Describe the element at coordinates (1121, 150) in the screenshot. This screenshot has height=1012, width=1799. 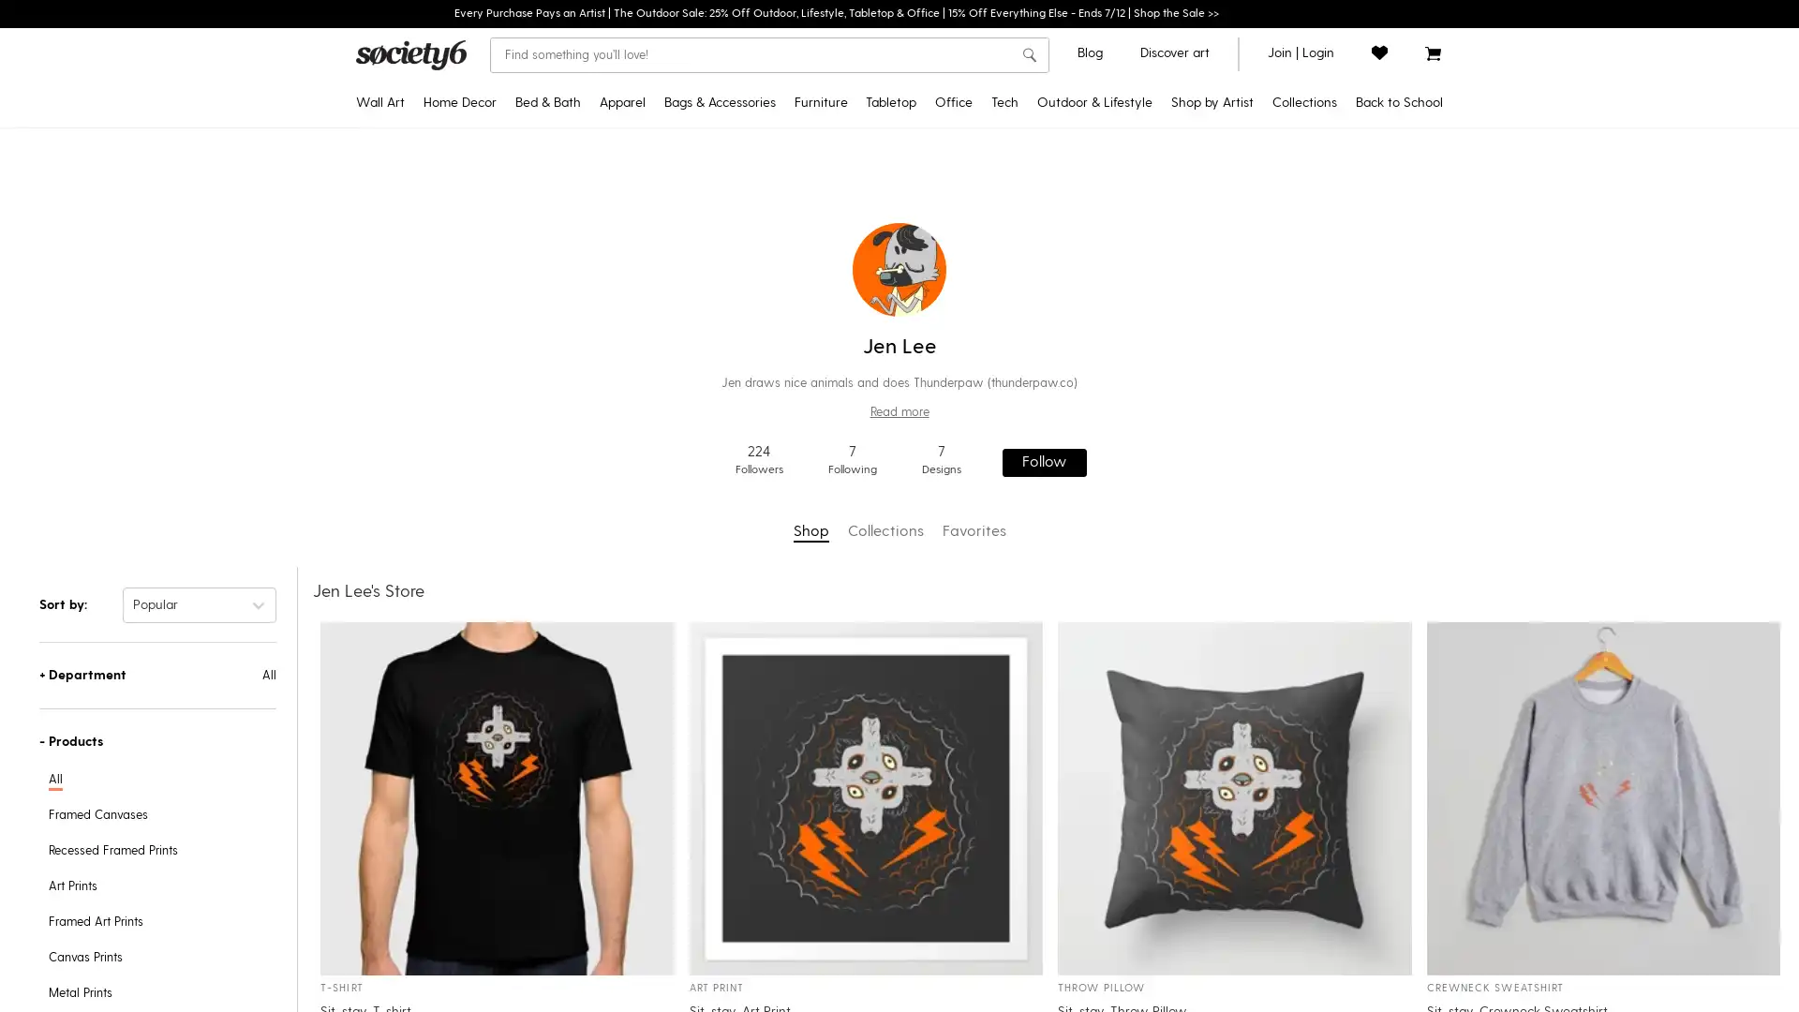
I see `Outdoor RugsNEW` at that location.